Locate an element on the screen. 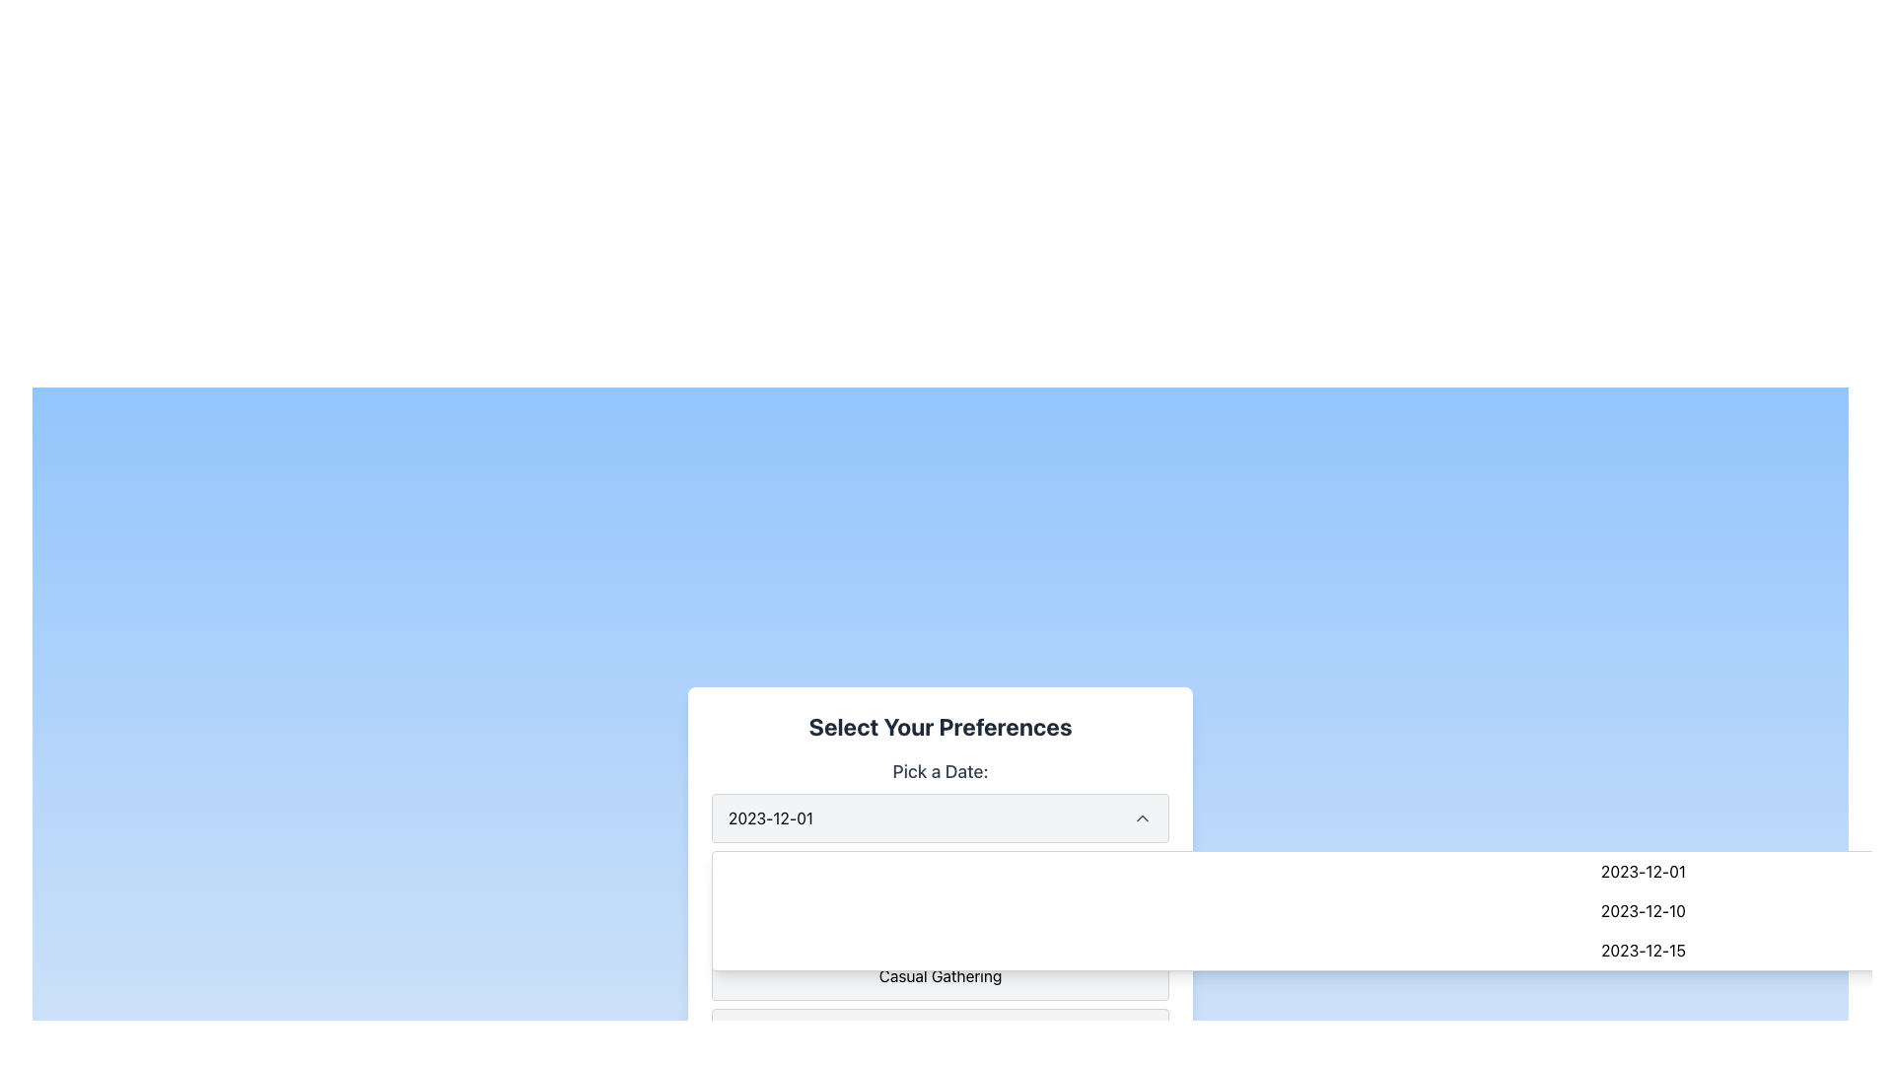  the date picker dropdown menu located below the 'Pick a Date:' title is located at coordinates (940, 817).